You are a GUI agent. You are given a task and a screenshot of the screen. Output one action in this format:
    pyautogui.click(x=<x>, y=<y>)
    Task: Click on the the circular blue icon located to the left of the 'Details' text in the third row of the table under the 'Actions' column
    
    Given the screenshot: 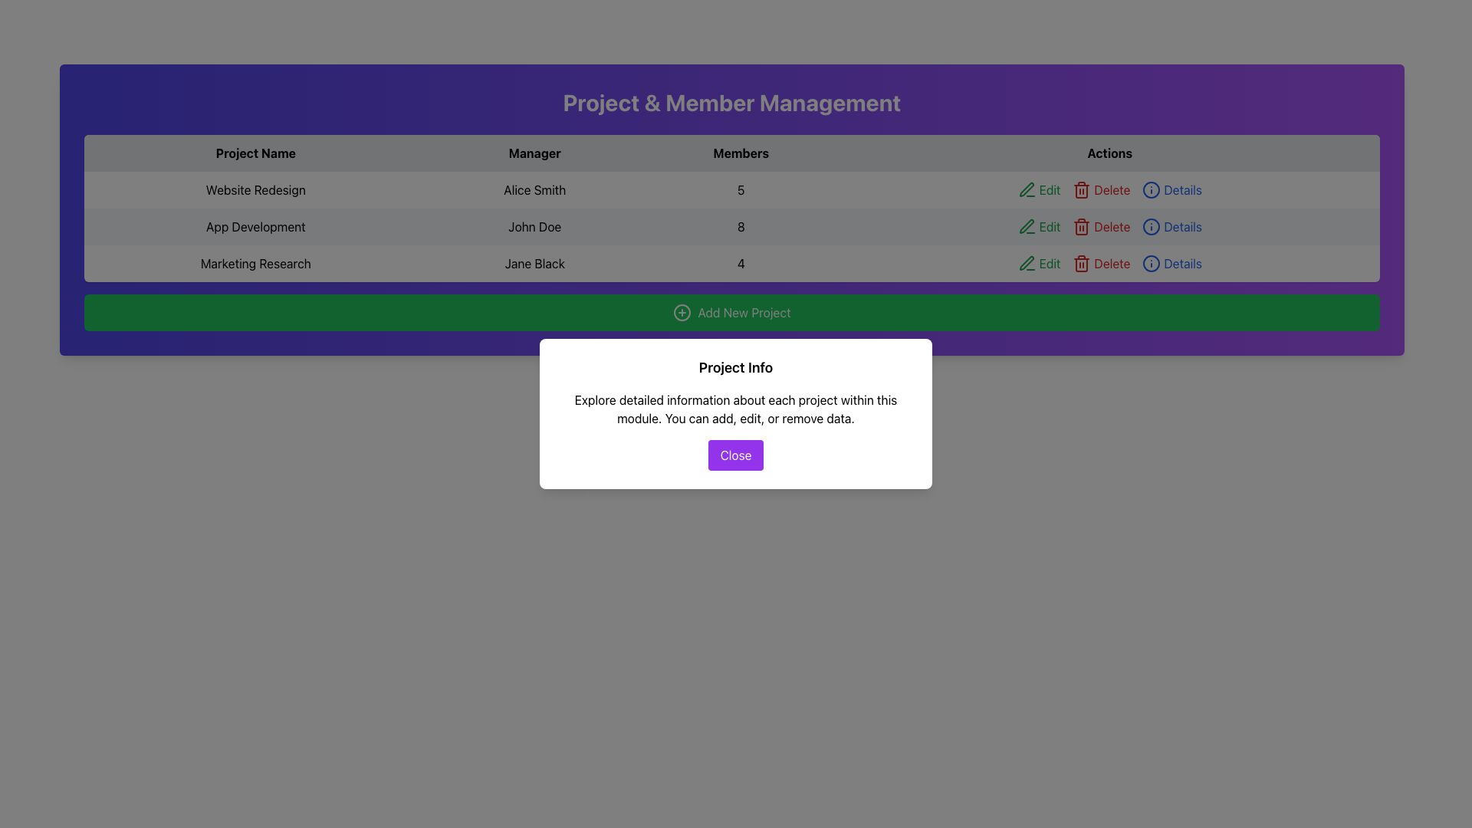 What is the action you would take?
    pyautogui.click(x=1152, y=262)
    